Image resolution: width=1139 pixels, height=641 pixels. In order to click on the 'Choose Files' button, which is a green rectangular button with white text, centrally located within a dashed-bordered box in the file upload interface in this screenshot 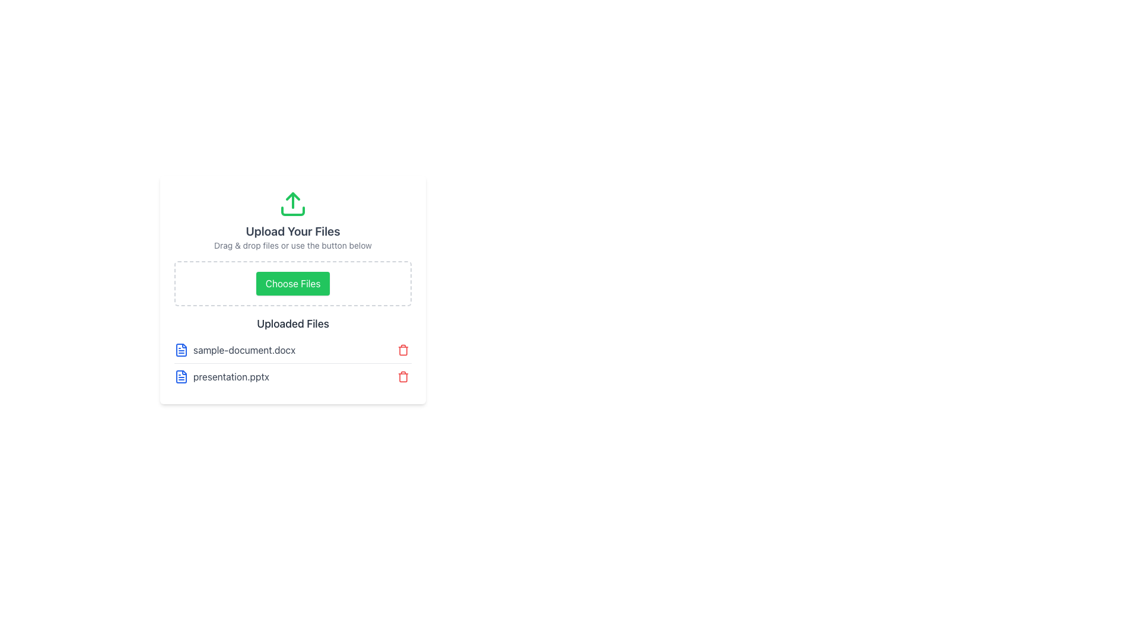, I will do `click(293, 284)`.